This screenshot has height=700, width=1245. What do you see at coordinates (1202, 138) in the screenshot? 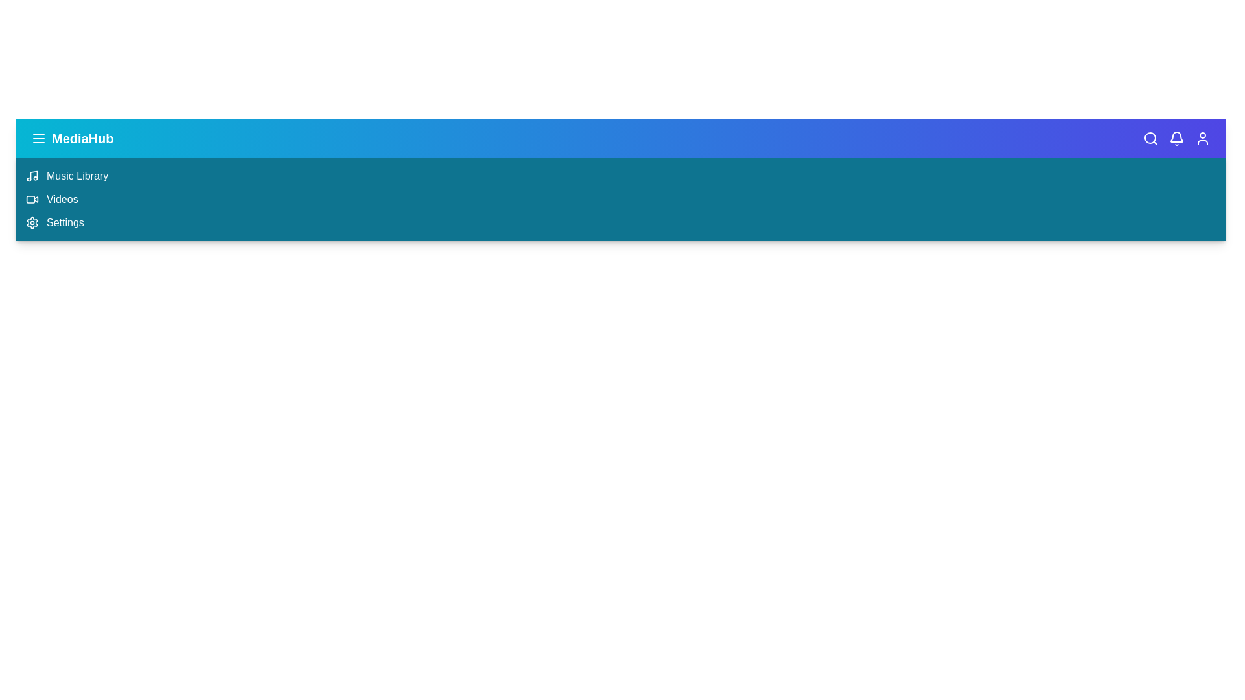
I see `the user profile icon` at bounding box center [1202, 138].